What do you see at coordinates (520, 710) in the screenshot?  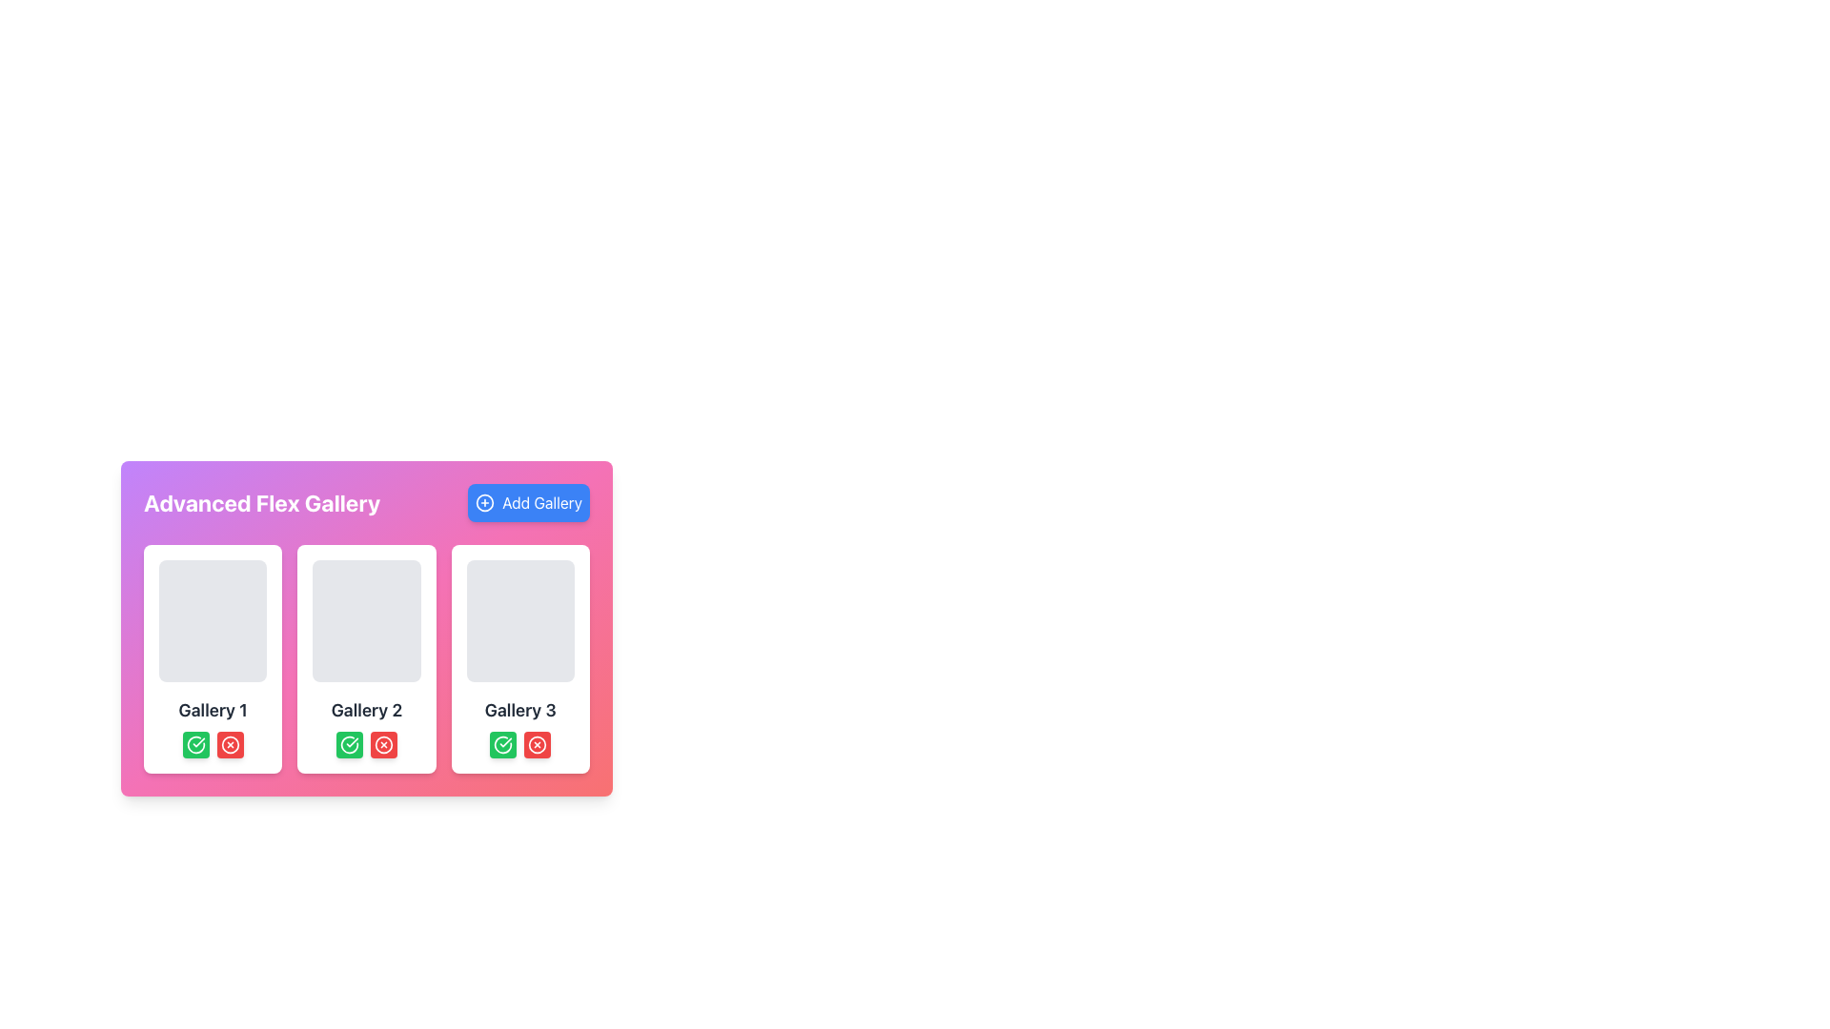 I see `the 'Gallery 3' text label, which is styled with a bold font and located in the lower central part of the rightmost card among three similar cards` at bounding box center [520, 710].